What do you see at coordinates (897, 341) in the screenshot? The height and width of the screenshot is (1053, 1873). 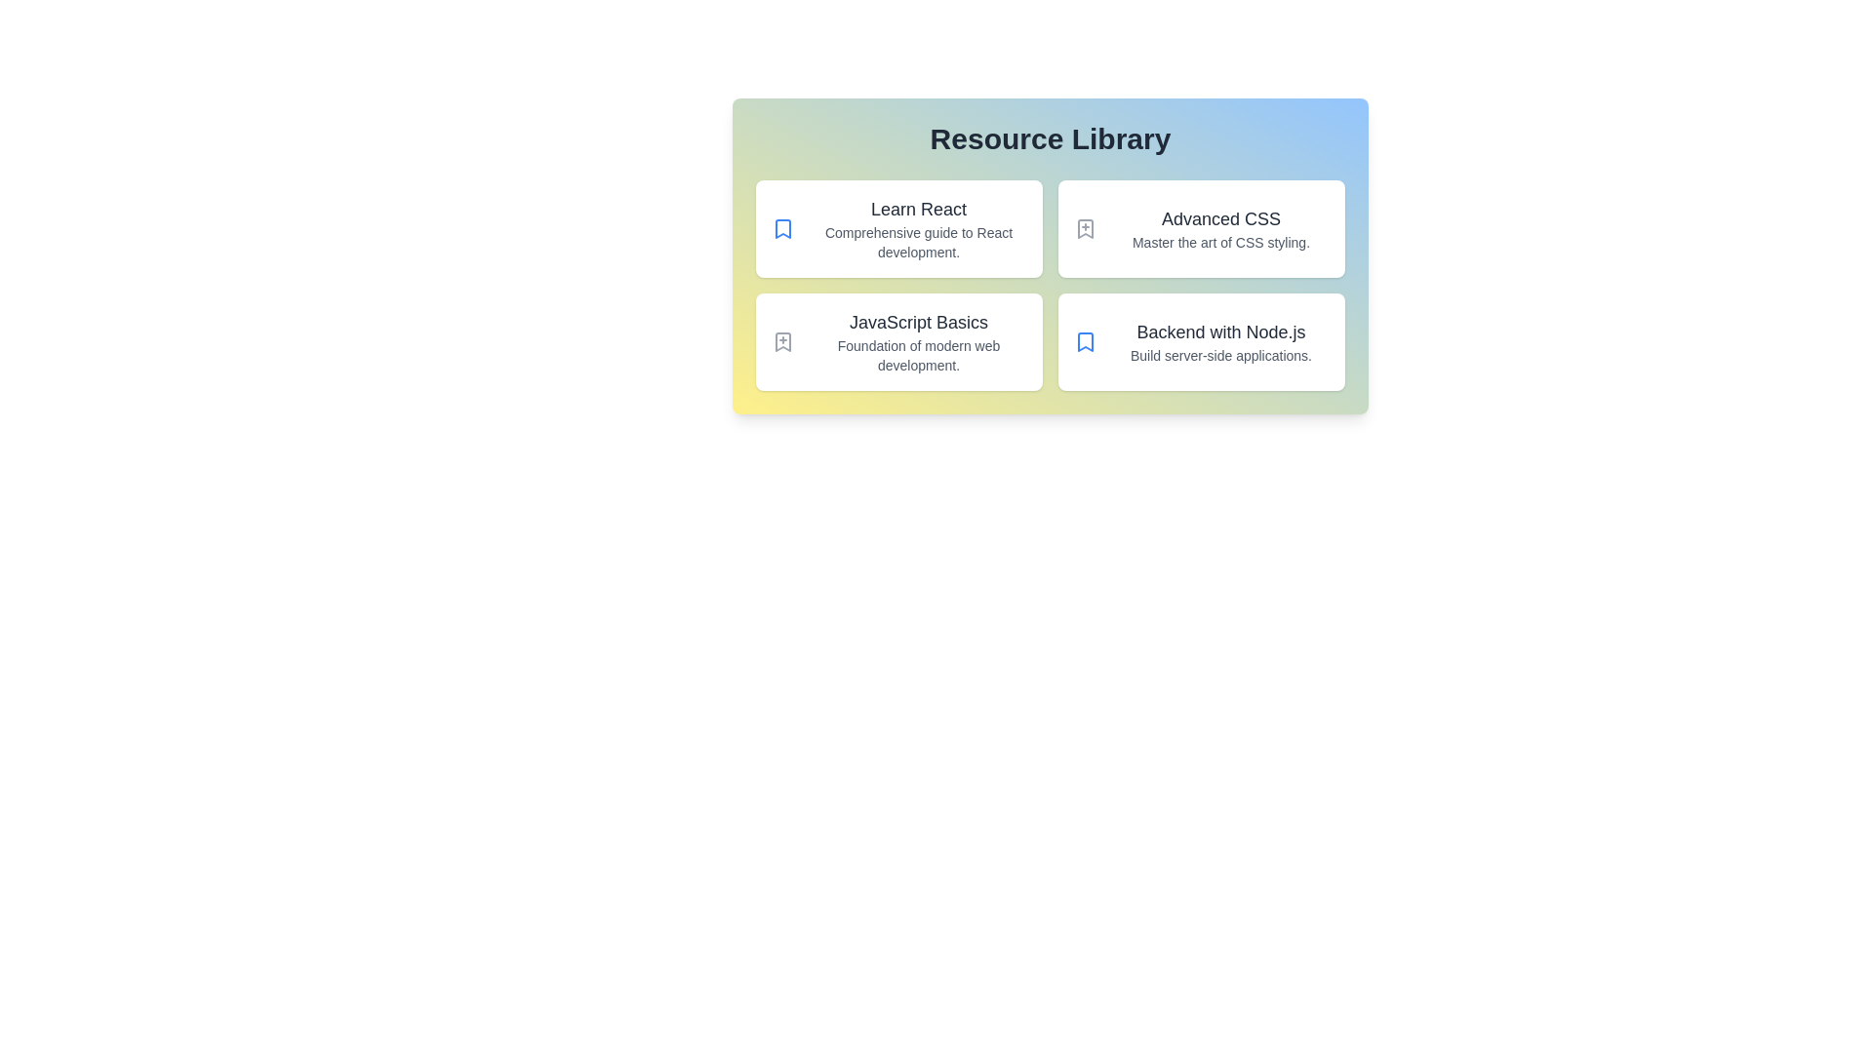 I see `the resource card titled JavaScript Basics` at bounding box center [897, 341].